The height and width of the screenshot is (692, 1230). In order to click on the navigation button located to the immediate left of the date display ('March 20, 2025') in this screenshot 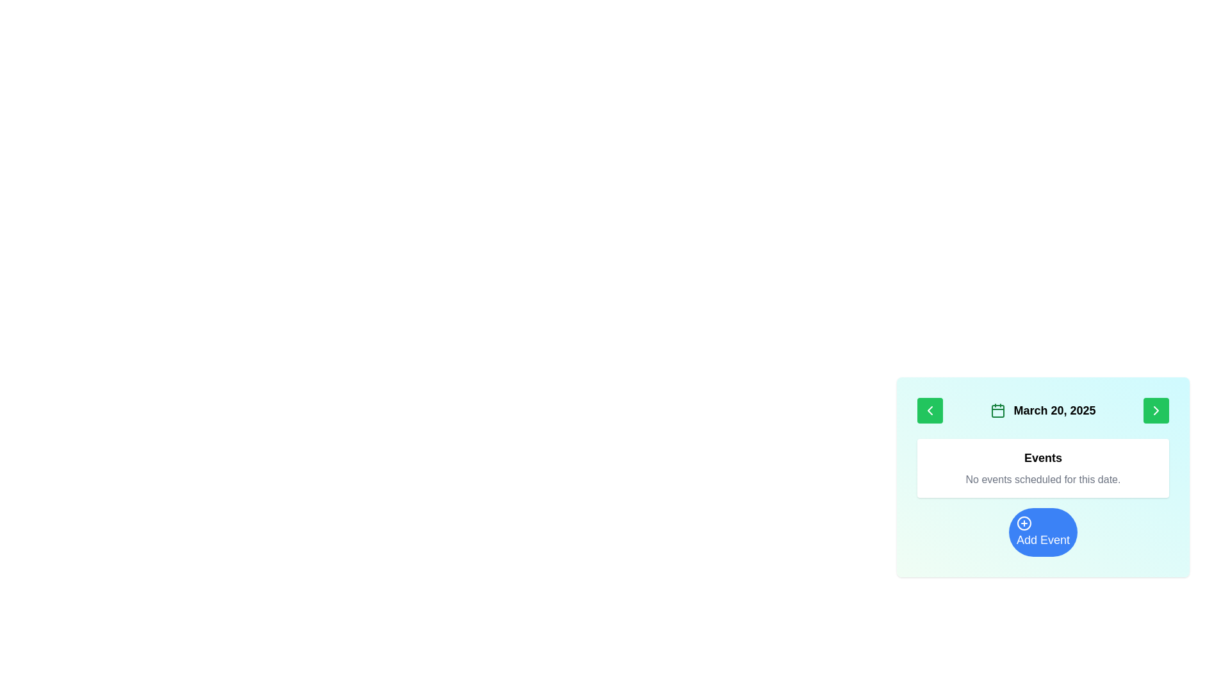, I will do `click(930, 410)`.